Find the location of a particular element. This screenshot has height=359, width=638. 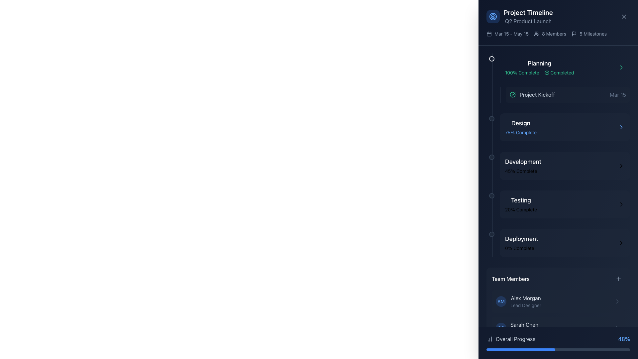

the 'Planning' header section in the timeline interface is located at coordinates (564, 78).